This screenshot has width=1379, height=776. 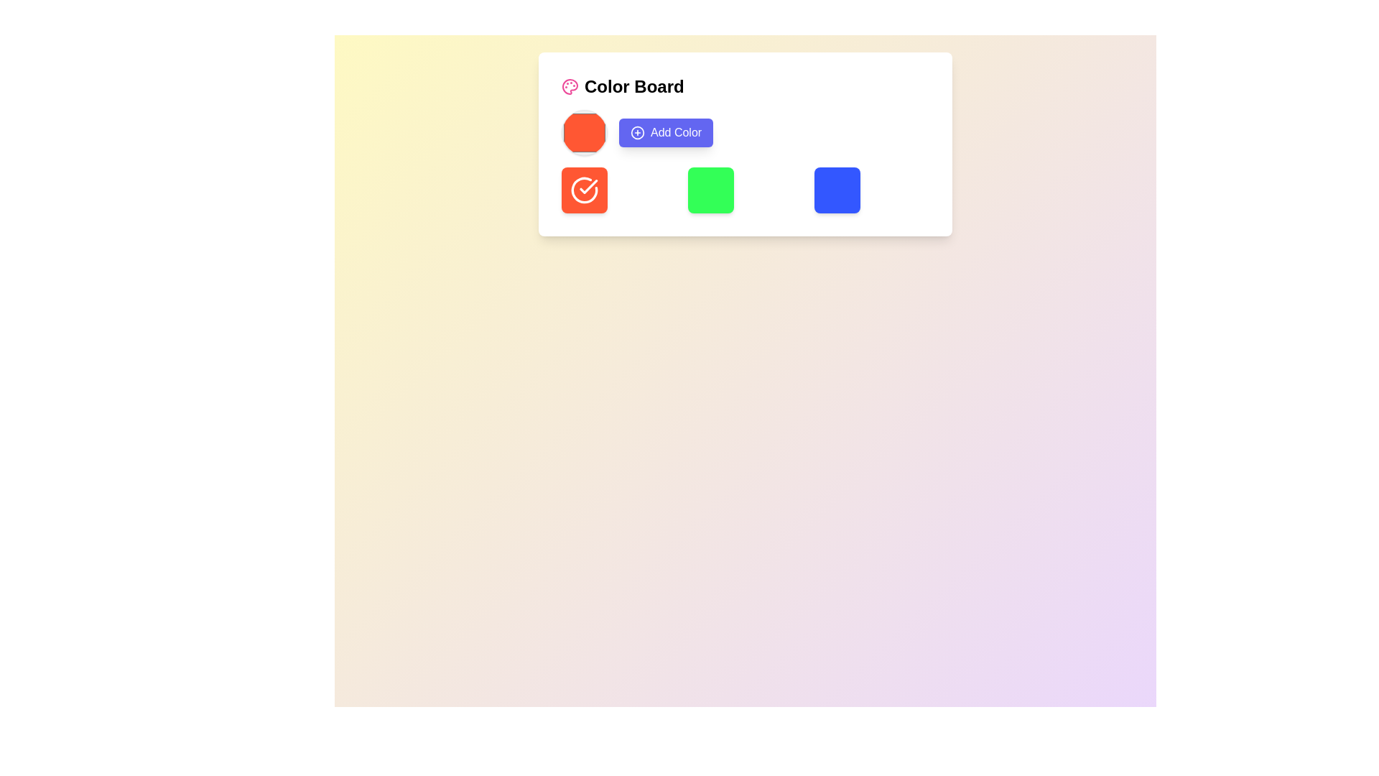 What do you see at coordinates (585, 190) in the screenshot?
I see `the first button in the second row of a 3x2 grid layout, located underneath a red octagonal button` at bounding box center [585, 190].